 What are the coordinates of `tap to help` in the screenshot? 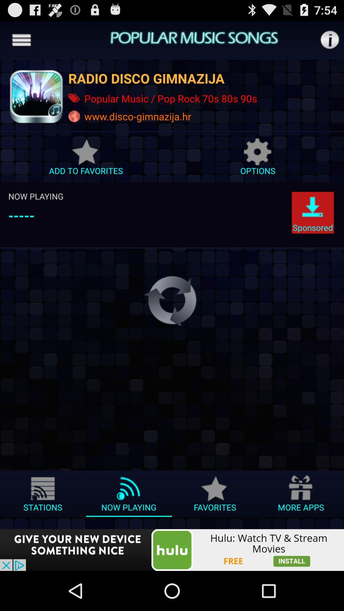 It's located at (329, 39).